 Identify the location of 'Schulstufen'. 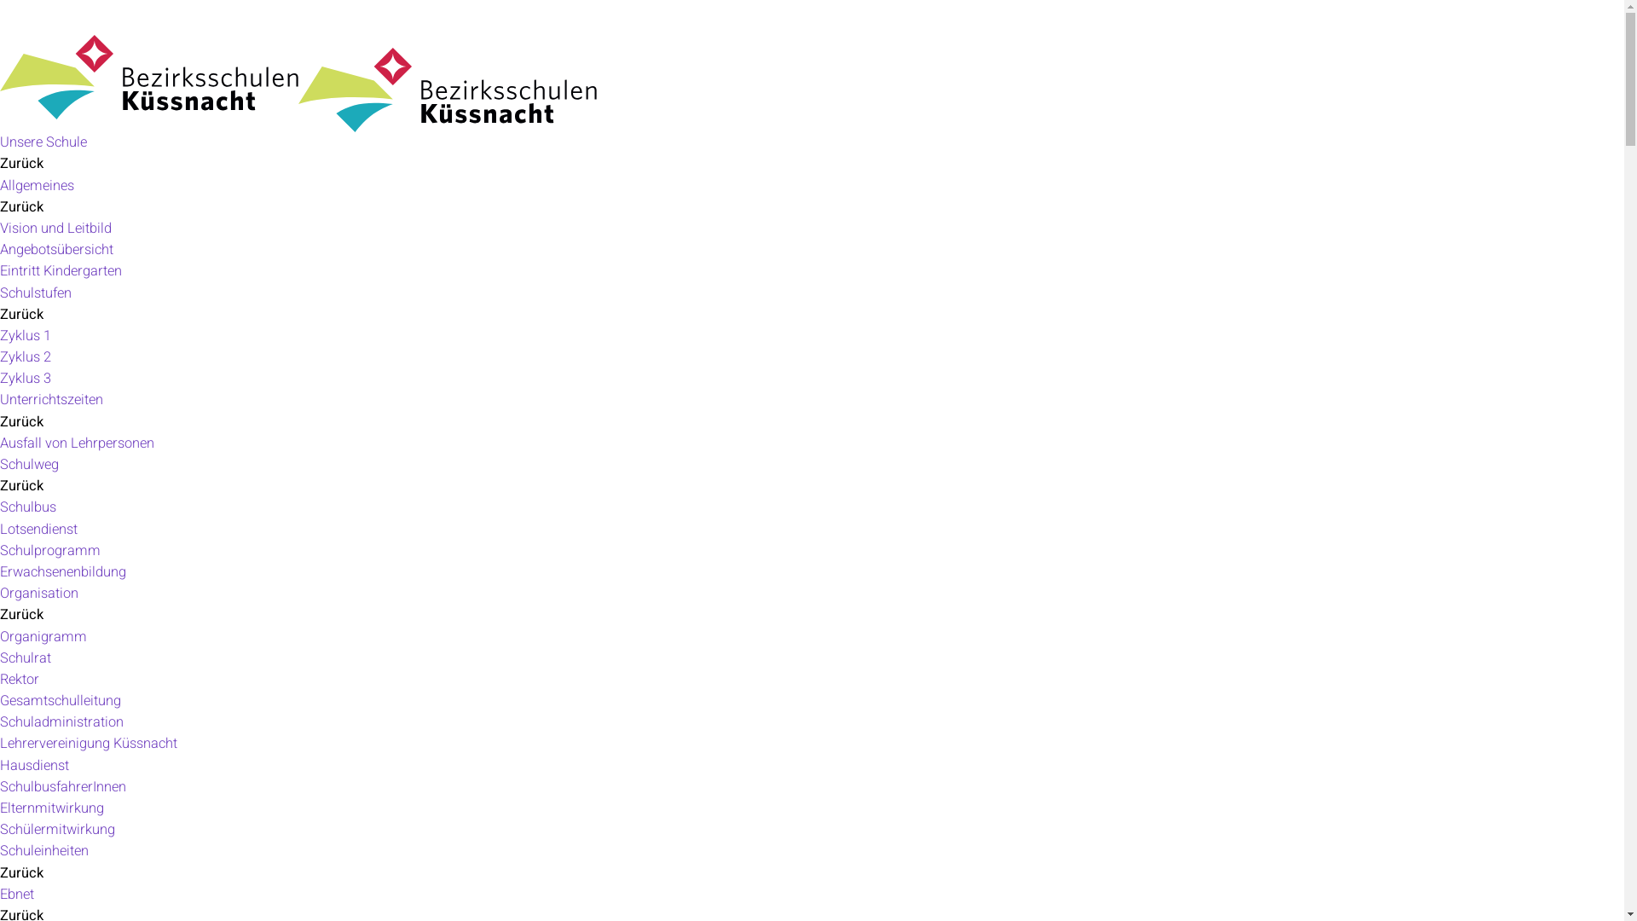
(36, 292).